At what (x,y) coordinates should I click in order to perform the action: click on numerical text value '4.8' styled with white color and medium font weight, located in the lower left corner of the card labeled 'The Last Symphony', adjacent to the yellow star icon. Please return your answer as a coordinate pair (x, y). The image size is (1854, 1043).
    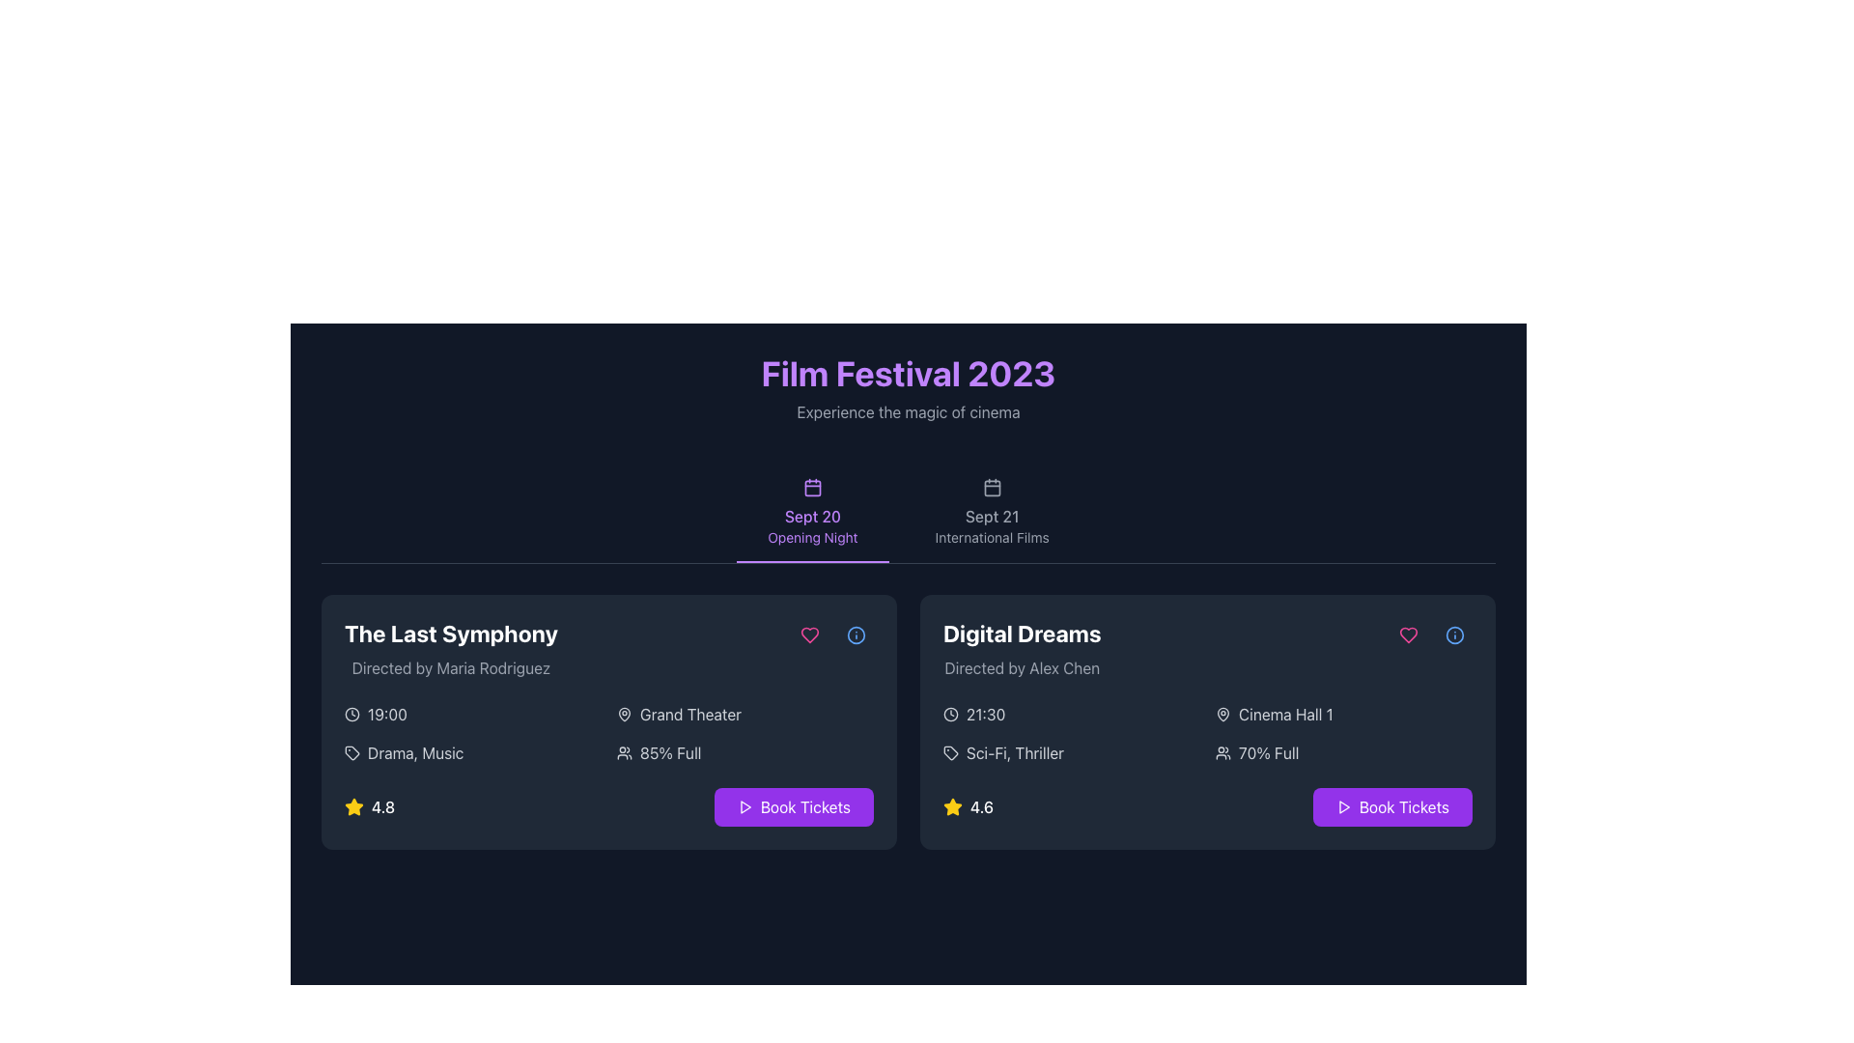
    Looking at the image, I should click on (383, 807).